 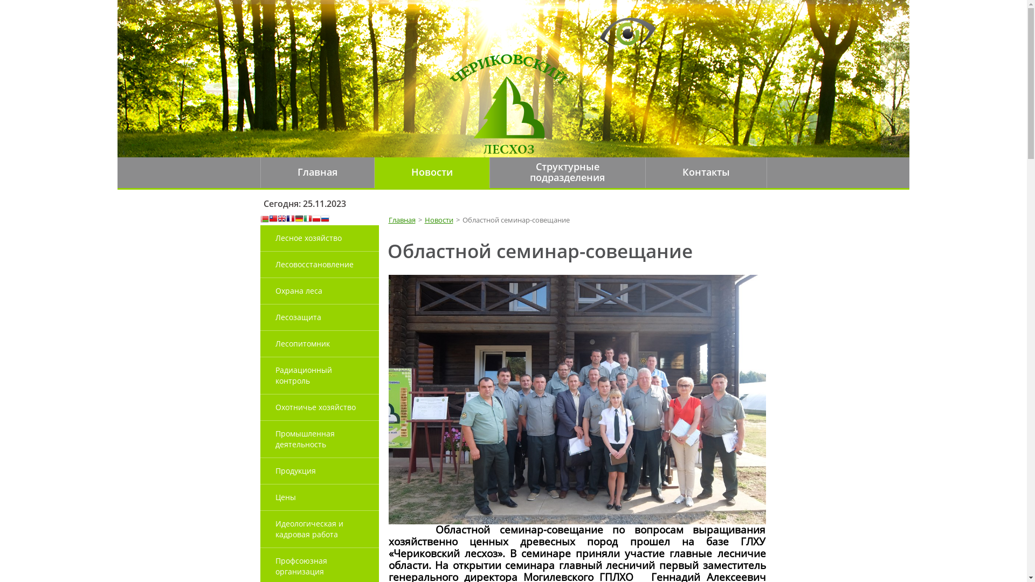 I want to click on 'German', so click(x=298, y=219).